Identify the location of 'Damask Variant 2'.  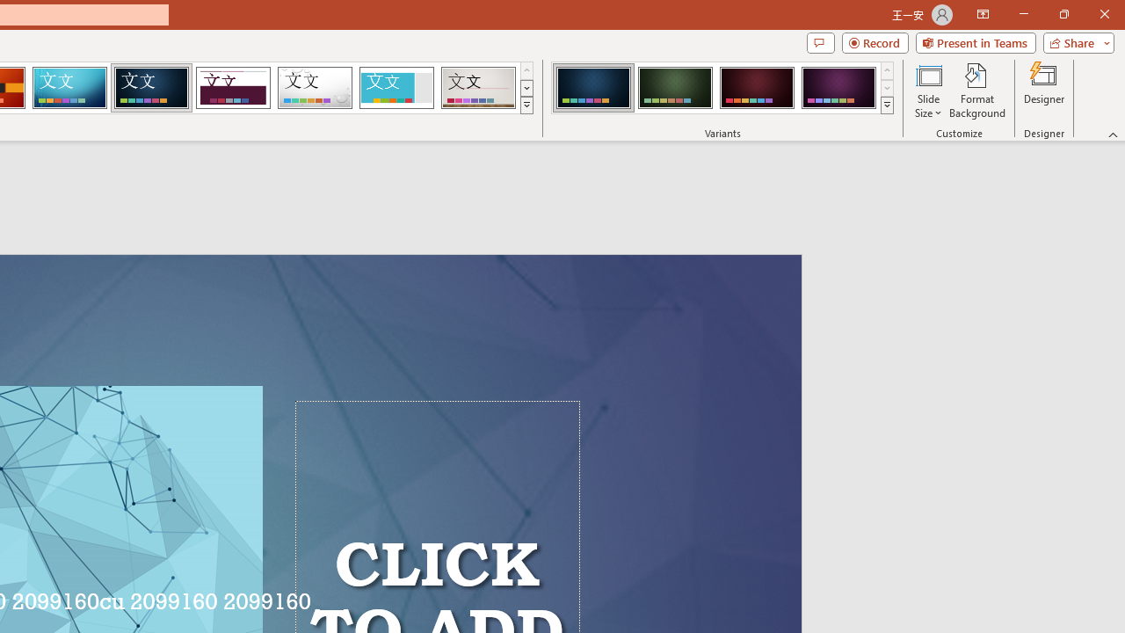
(674, 88).